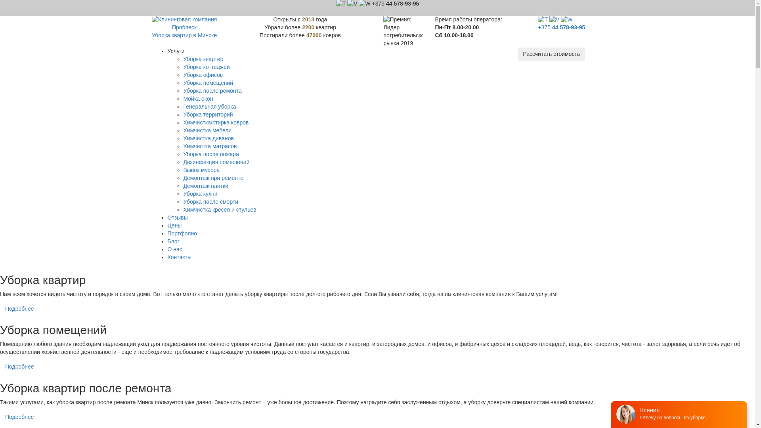  What do you see at coordinates (538, 27) in the screenshot?
I see `'+375 44 578-93-95'` at bounding box center [538, 27].